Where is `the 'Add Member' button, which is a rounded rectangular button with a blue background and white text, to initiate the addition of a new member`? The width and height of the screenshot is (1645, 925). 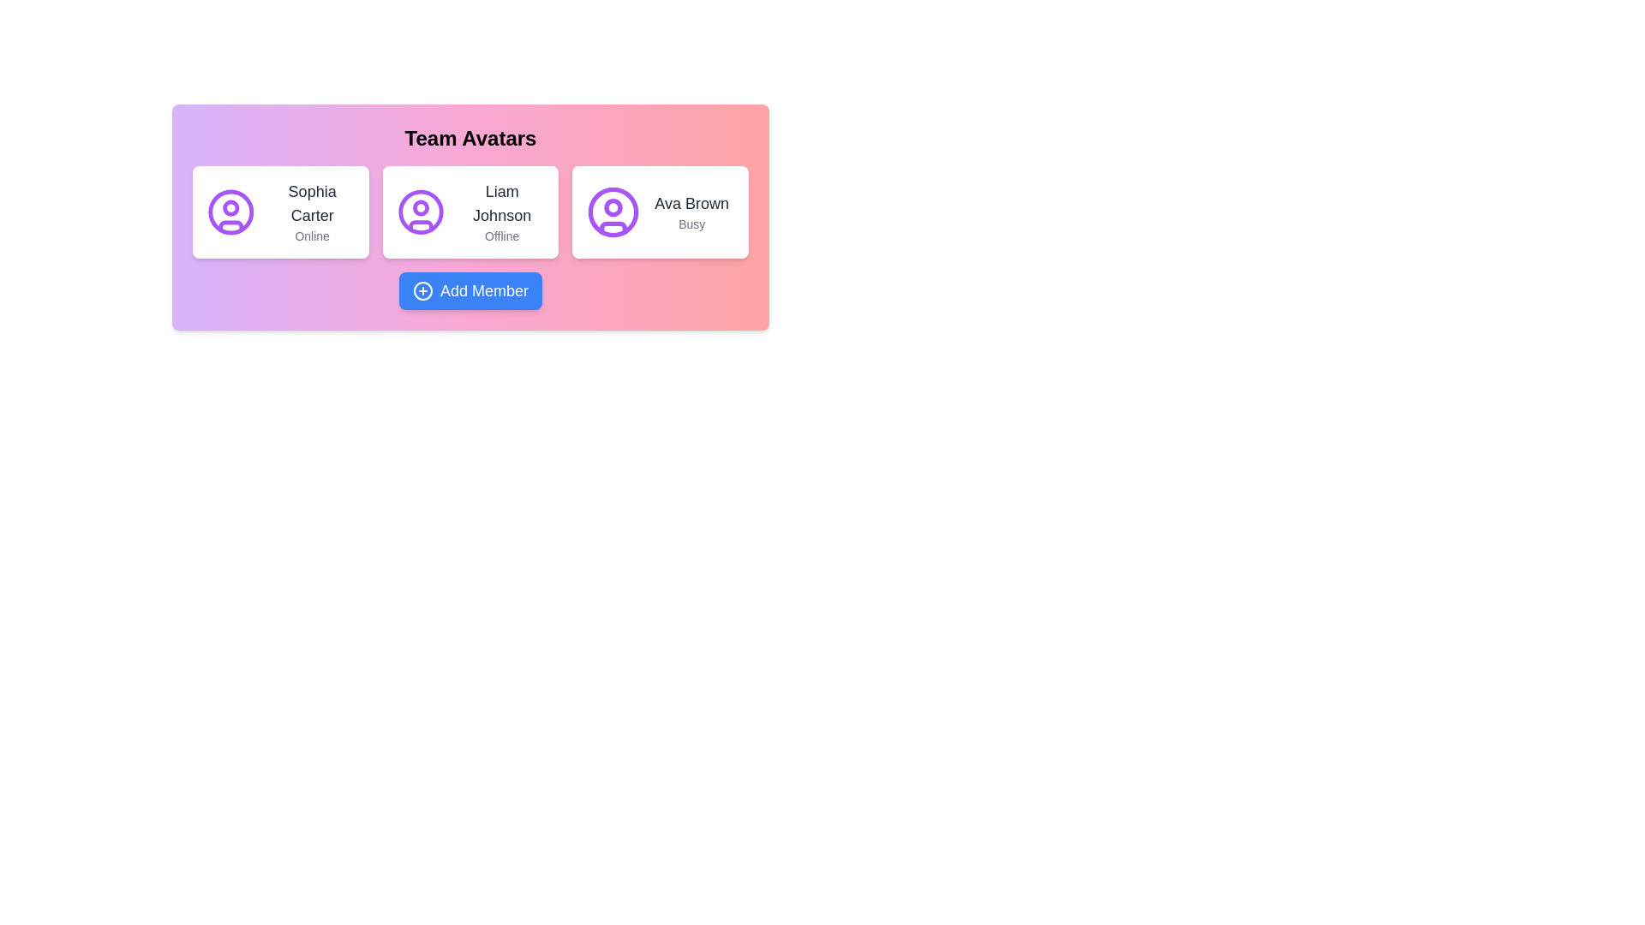 the 'Add Member' button, which is a rounded rectangular button with a blue background and white text, to initiate the addition of a new member is located at coordinates (470, 289).